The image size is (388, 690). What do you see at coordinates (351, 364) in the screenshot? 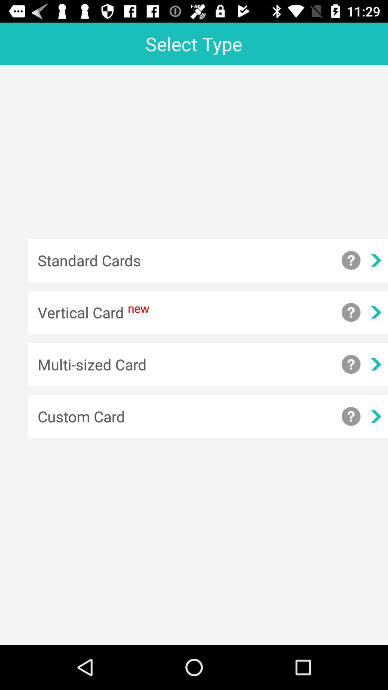
I see `show information` at bounding box center [351, 364].